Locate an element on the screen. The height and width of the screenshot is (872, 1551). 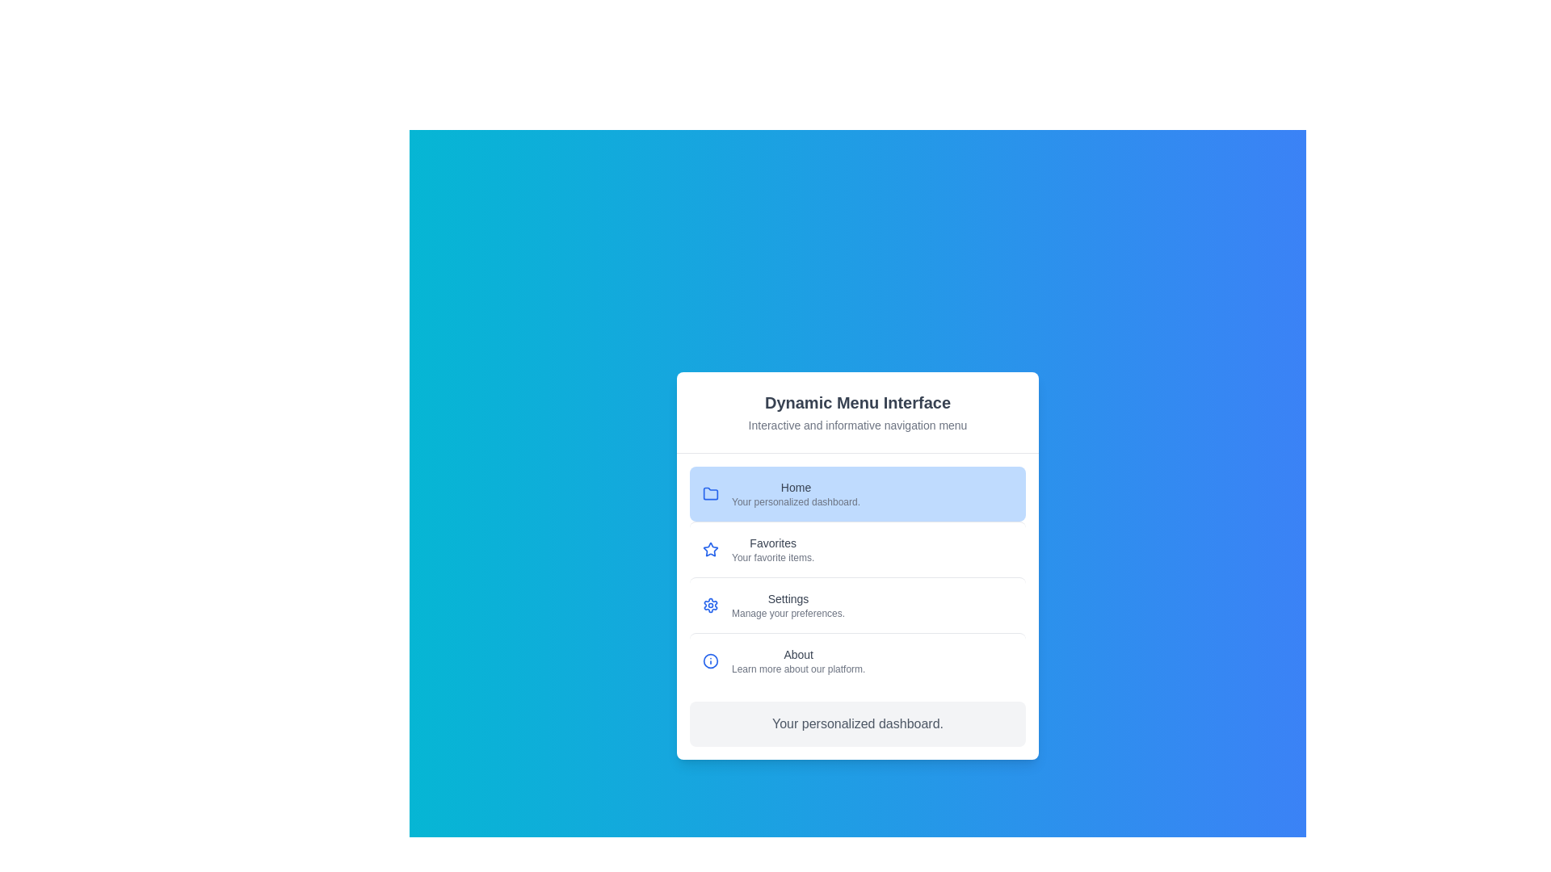
the menu item labeled About is located at coordinates (856, 660).